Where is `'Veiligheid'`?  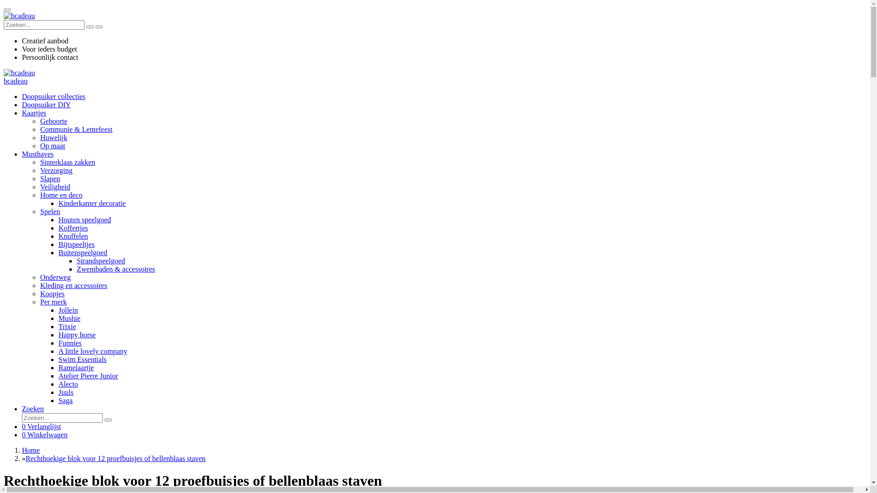
'Veiligheid' is located at coordinates (54, 186).